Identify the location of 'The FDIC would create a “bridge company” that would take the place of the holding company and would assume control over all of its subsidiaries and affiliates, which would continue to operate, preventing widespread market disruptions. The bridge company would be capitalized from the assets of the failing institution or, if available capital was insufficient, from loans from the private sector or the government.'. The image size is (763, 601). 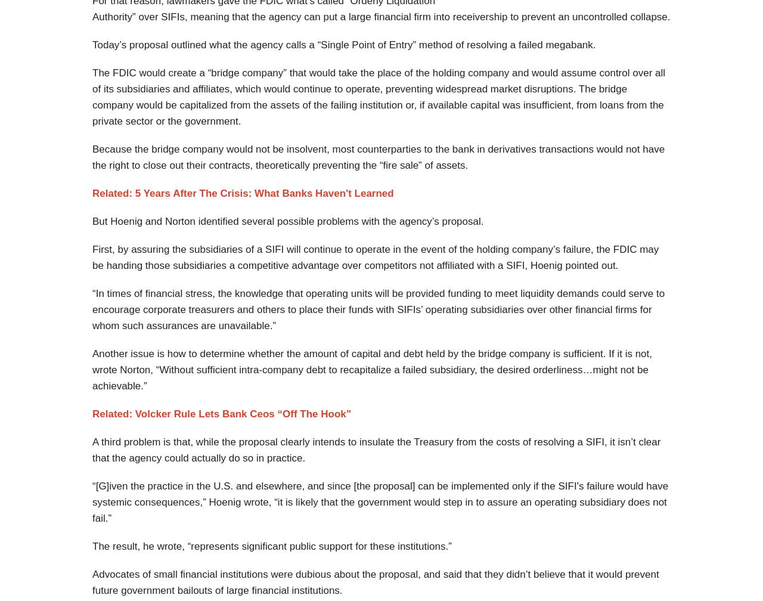
(378, 97).